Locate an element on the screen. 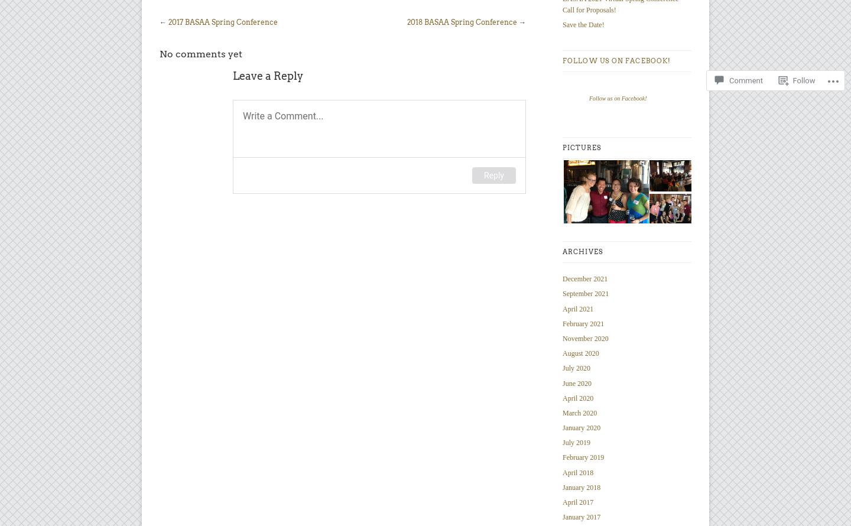 This screenshot has width=851, height=526. 'February 2019' is located at coordinates (562, 457).